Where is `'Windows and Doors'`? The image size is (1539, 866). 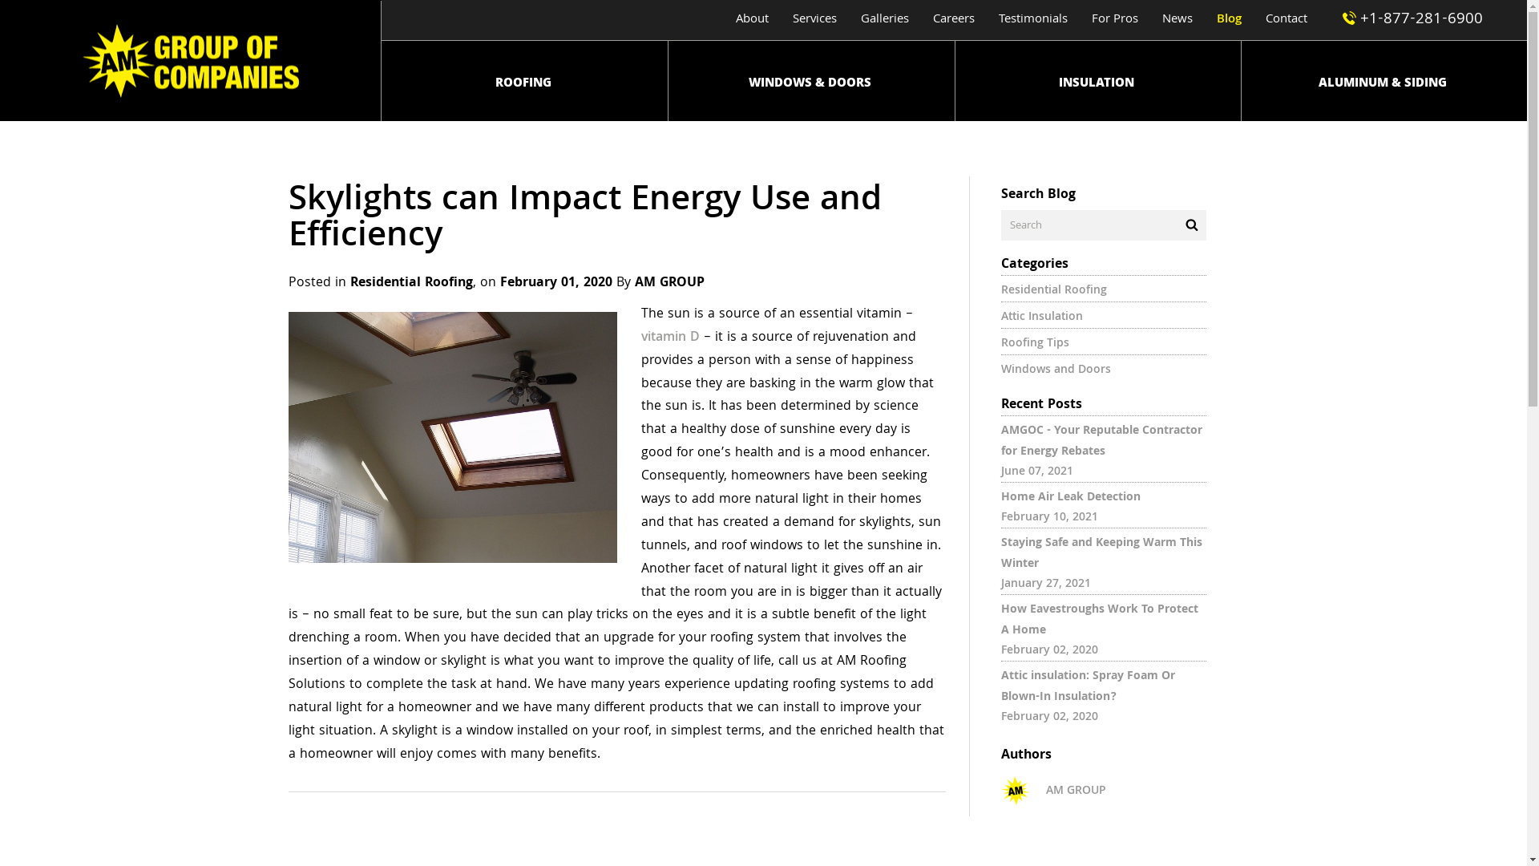 'Windows and Doors' is located at coordinates (1056, 370).